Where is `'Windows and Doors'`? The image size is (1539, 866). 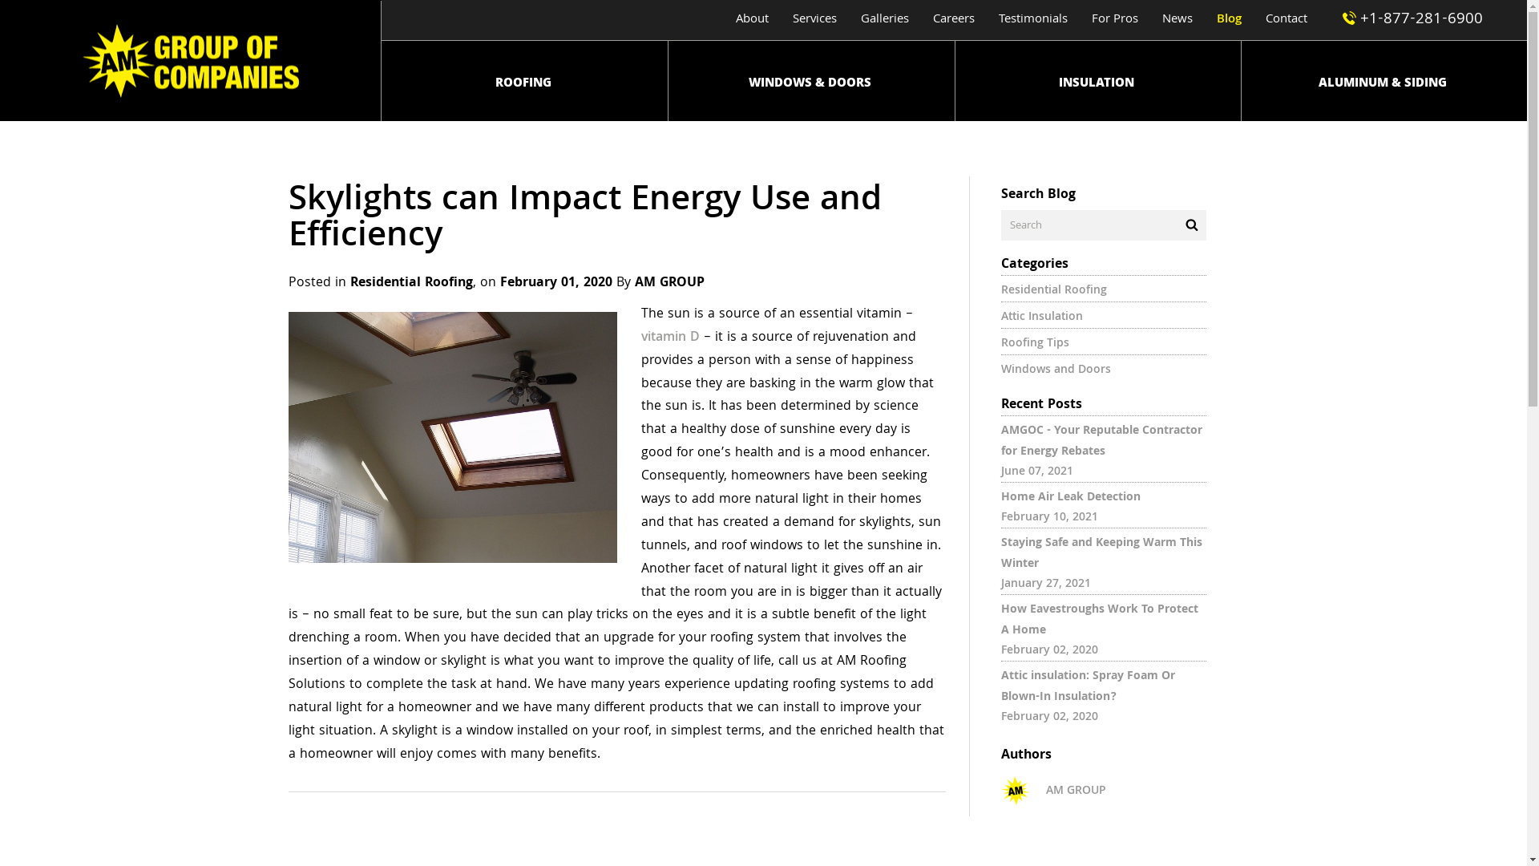 'Windows and Doors' is located at coordinates (1056, 370).